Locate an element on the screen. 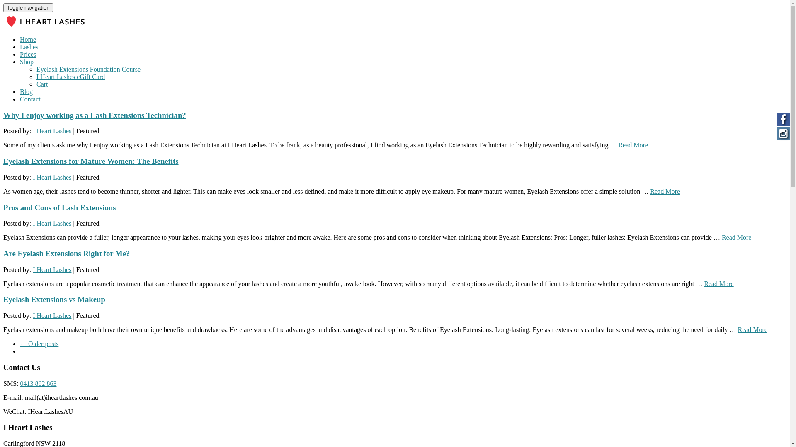 This screenshot has height=447, width=796. 'Pros and Cons of Lash Extensions' is located at coordinates (59, 207).